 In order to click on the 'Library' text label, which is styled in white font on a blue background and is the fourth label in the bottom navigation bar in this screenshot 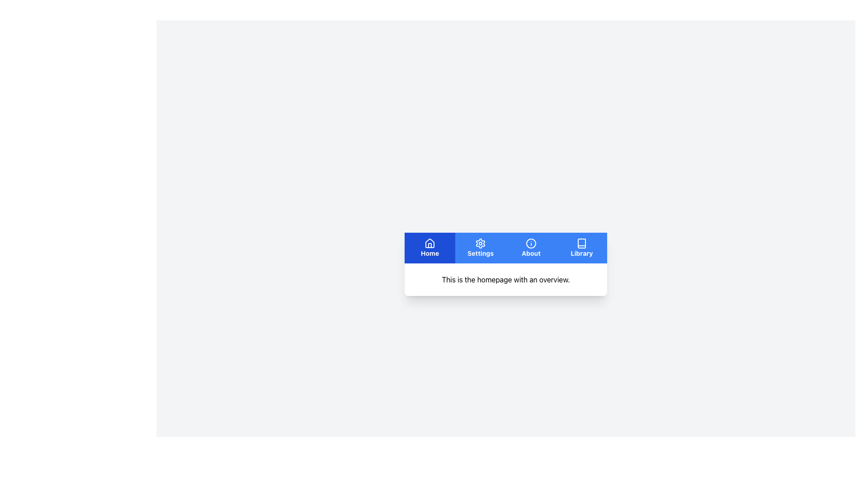, I will do `click(581, 253)`.